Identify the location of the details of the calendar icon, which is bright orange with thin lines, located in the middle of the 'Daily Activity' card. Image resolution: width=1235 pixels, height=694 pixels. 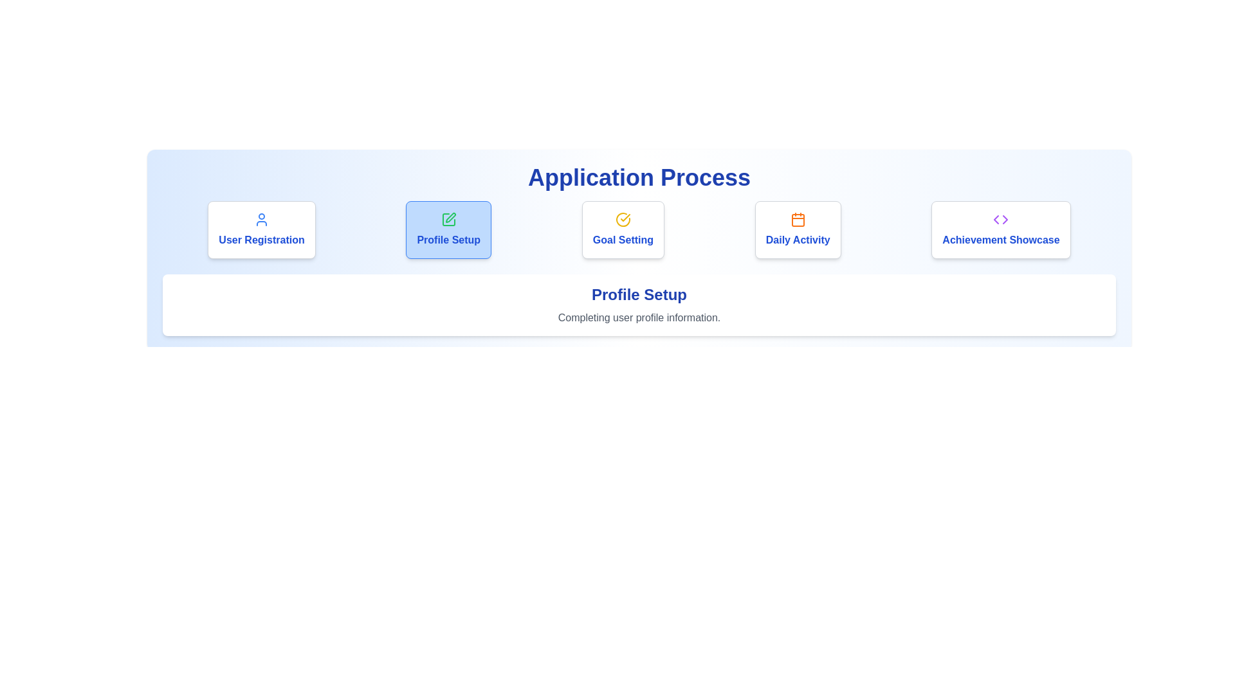
(797, 219).